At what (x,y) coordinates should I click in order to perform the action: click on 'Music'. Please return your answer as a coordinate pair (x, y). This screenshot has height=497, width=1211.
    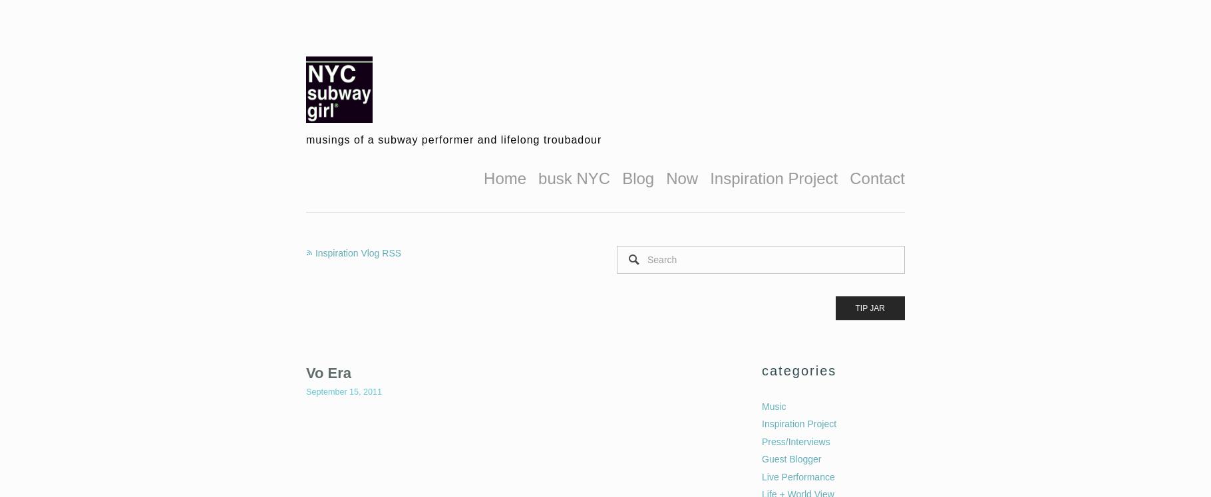
    Looking at the image, I should click on (773, 405).